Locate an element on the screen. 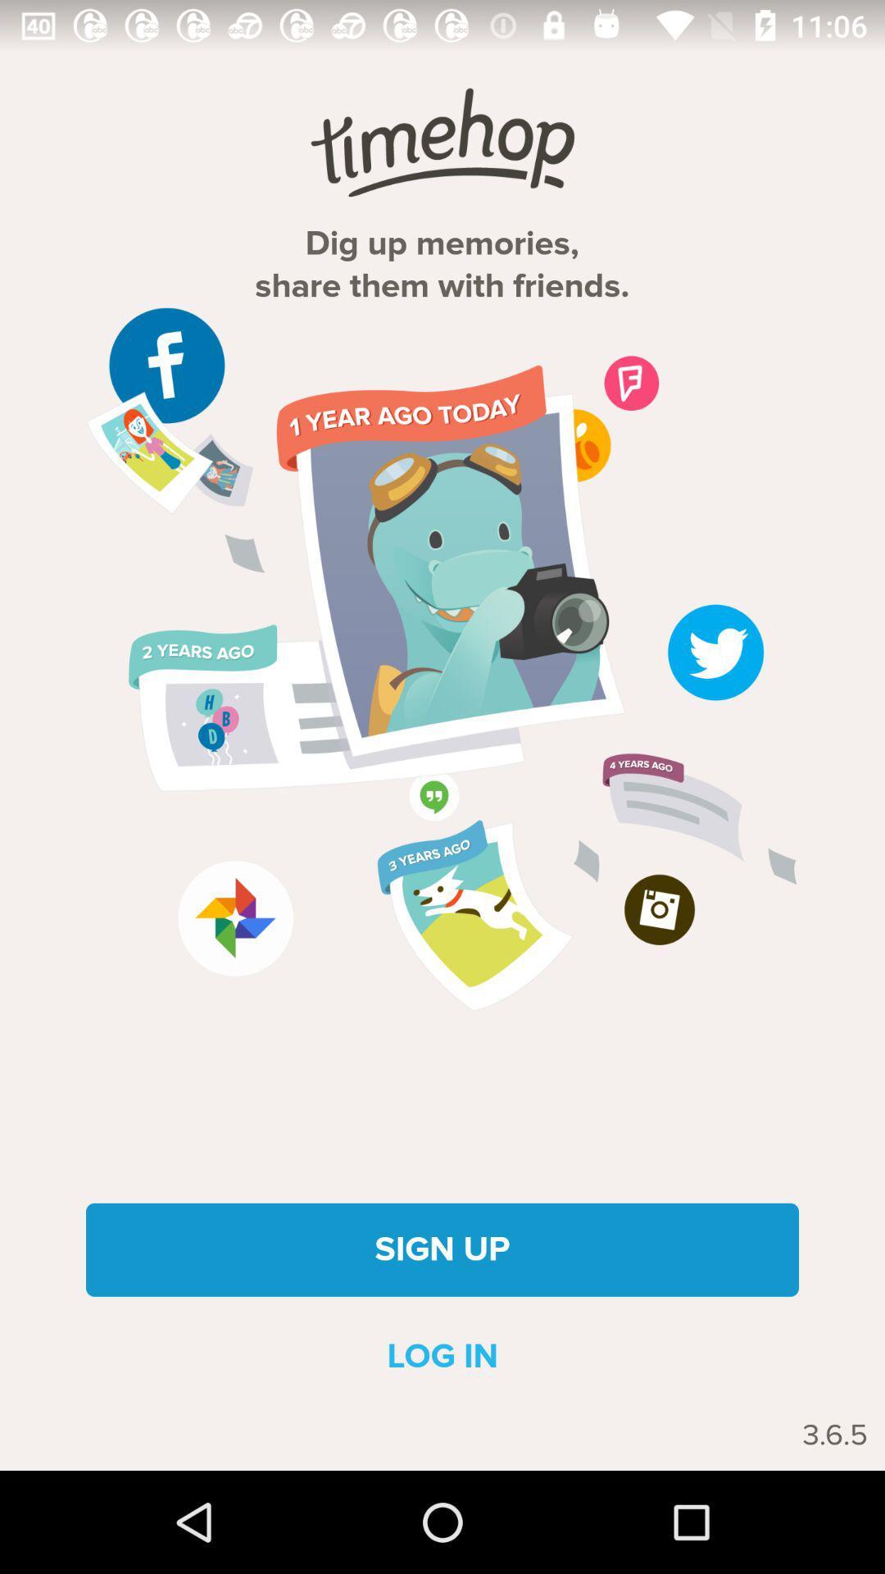 Image resolution: width=885 pixels, height=1574 pixels. sign up is located at coordinates (442, 1249).